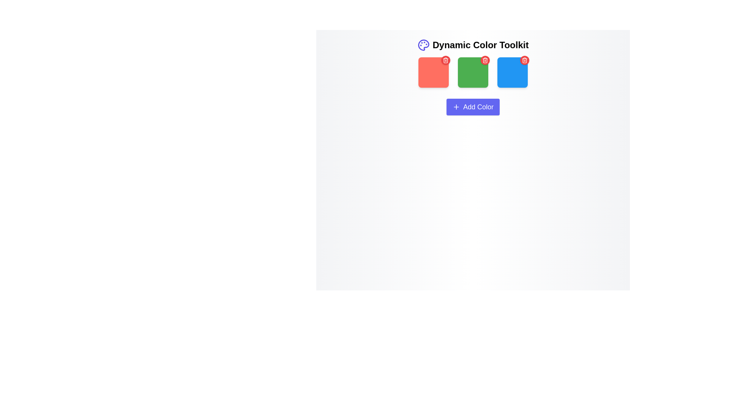 The image size is (729, 410). What do you see at coordinates (512, 73) in the screenshot?
I see `the interactive color selection square located on the rightmost side of the three colorful squares` at bounding box center [512, 73].